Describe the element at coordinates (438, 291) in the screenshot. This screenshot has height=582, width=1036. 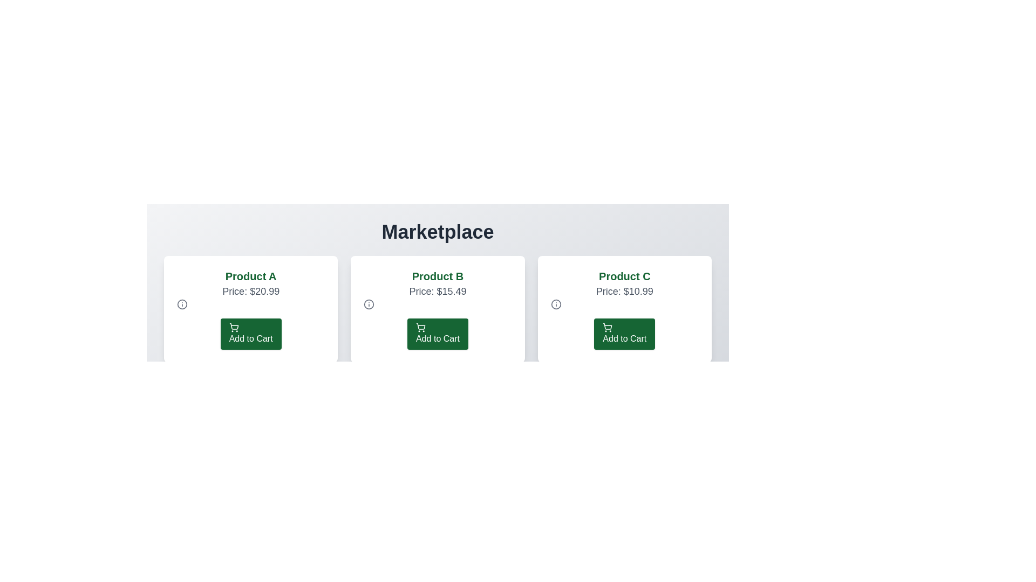
I see `the text label displaying 'Price: $15.49' that is located under the 'Product B' section` at that location.